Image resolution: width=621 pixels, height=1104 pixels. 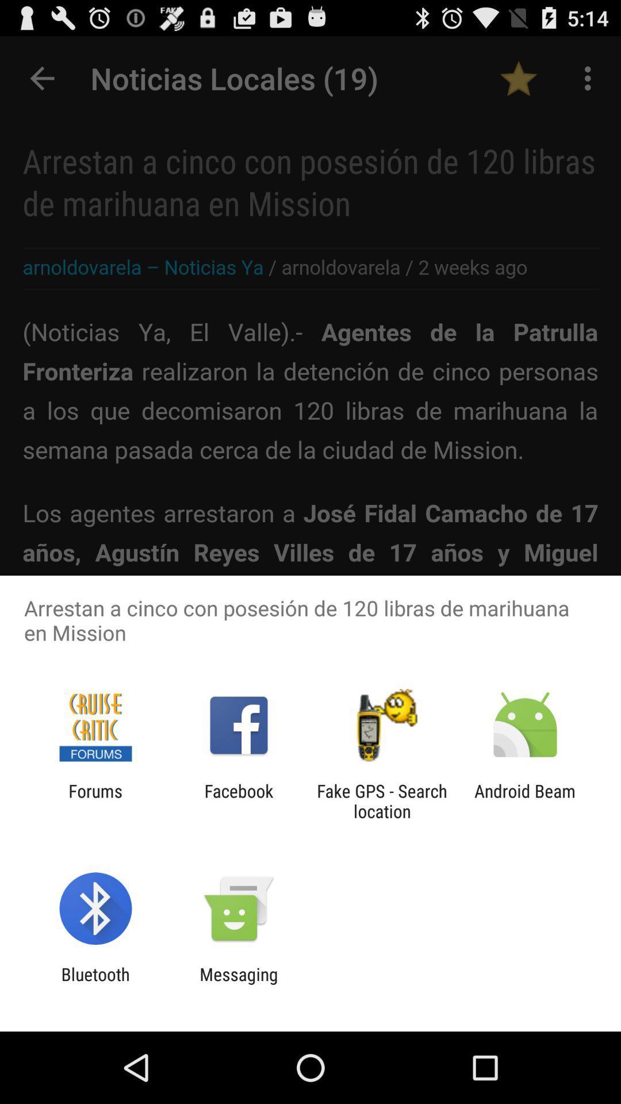 What do you see at coordinates (238, 984) in the screenshot?
I see `the app next to bluetooth app` at bounding box center [238, 984].